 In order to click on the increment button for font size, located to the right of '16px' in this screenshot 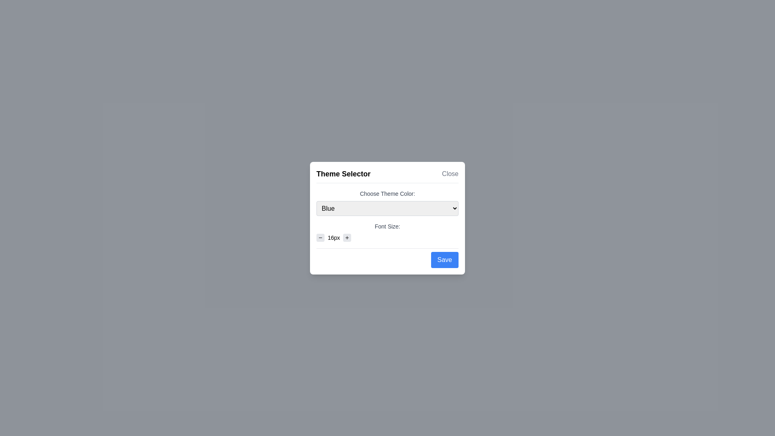, I will do `click(347, 237)`.